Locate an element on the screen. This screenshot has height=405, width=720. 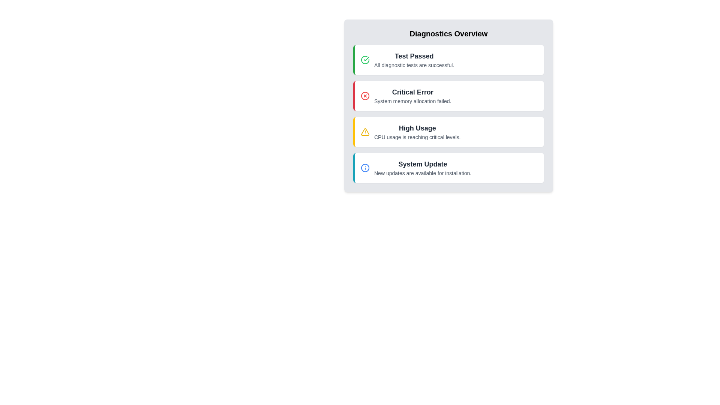
the 'High Usage' text label, which is styled in bold and medium-large font size, colored dark gray, and located in the third notification card with a yellow border is located at coordinates (417, 128).